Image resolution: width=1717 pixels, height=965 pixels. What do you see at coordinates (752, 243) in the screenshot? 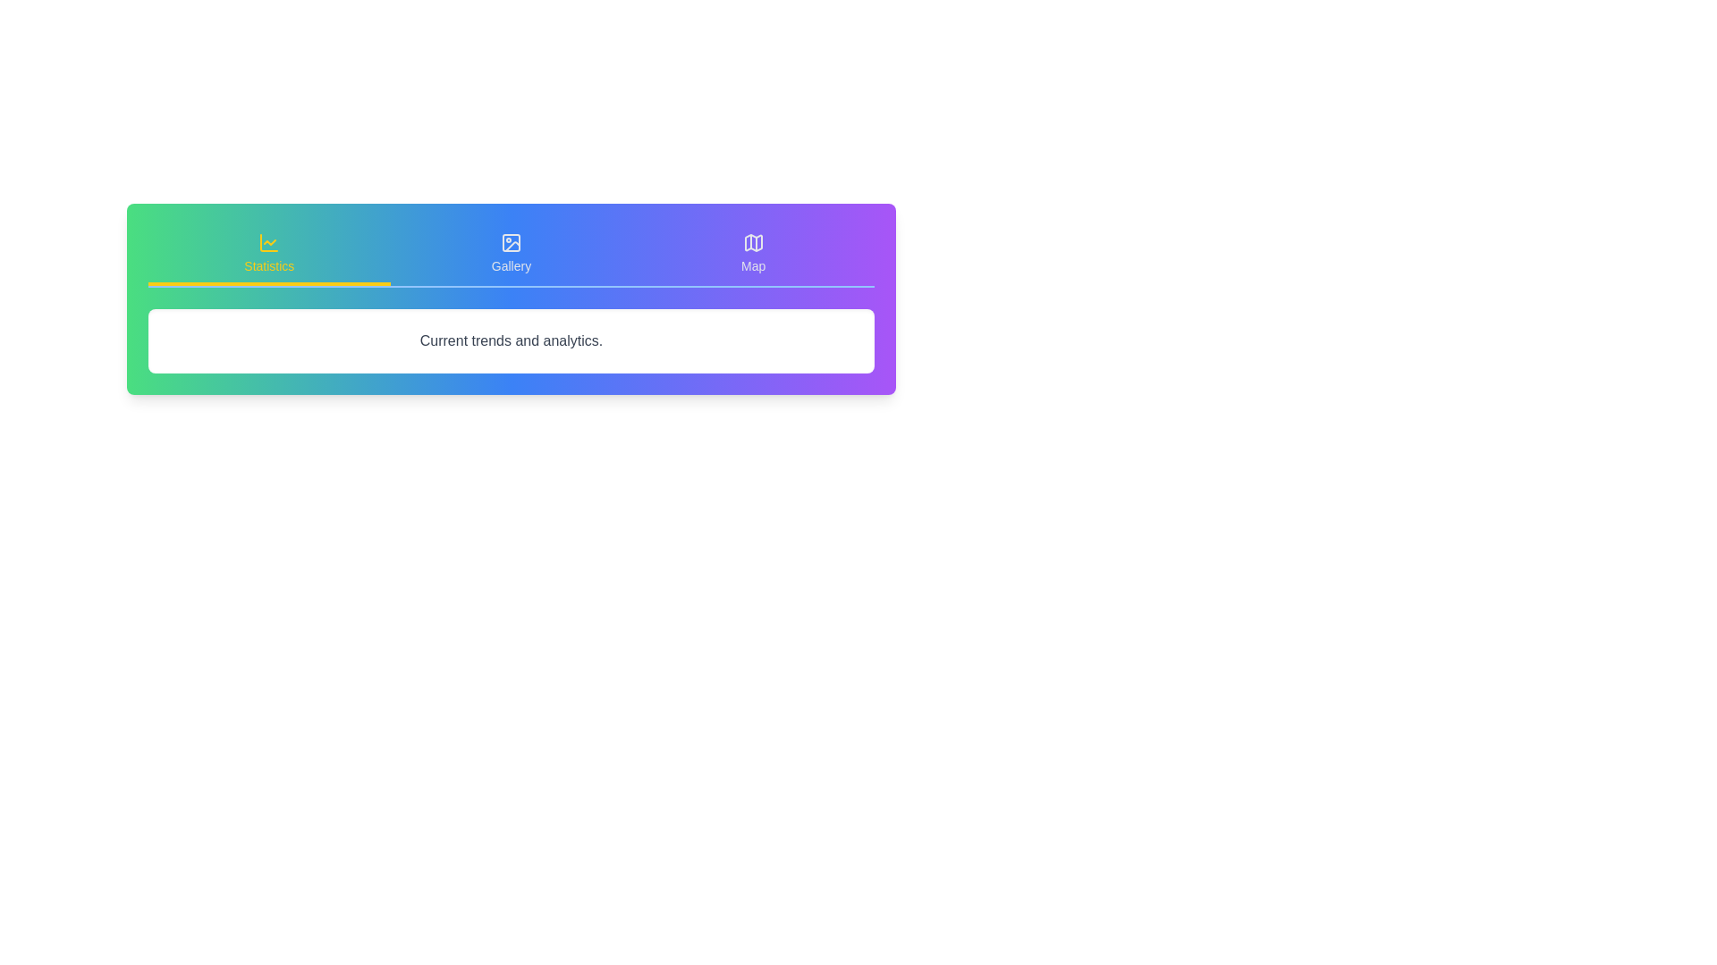
I see `the icon of the Map tab to interact with it` at bounding box center [752, 243].